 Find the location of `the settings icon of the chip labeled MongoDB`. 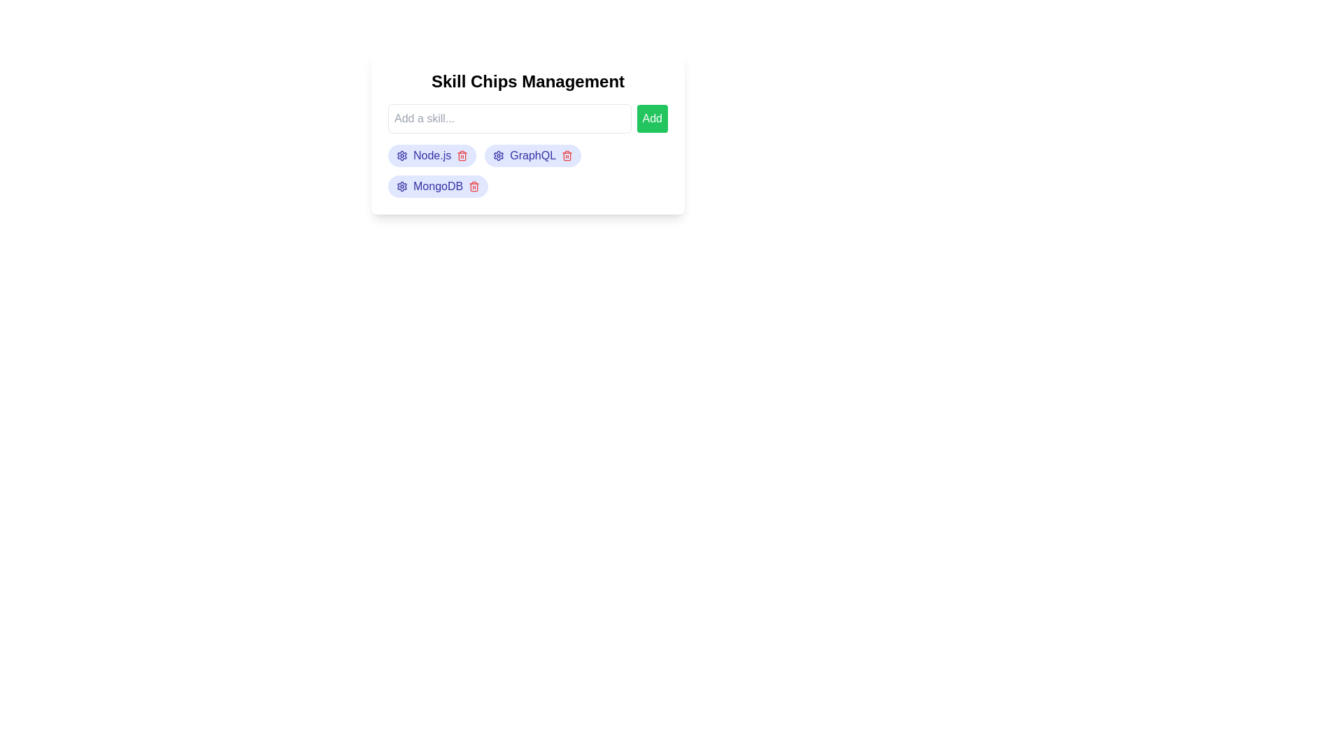

the settings icon of the chip labeled MongoDB is located at coordinates (402, 185).